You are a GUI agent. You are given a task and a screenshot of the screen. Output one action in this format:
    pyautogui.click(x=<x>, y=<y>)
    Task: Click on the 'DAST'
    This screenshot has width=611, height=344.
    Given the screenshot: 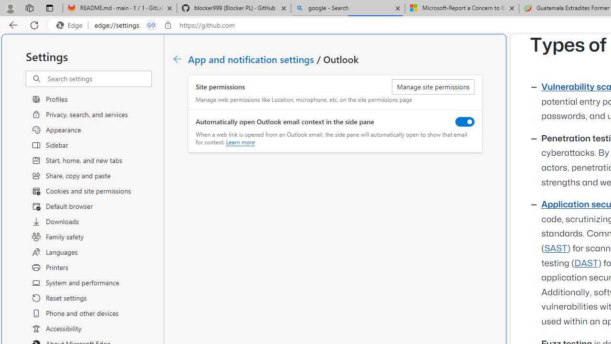 What is the action you would take?
    pyautogui.click(x=586, y=263)
    